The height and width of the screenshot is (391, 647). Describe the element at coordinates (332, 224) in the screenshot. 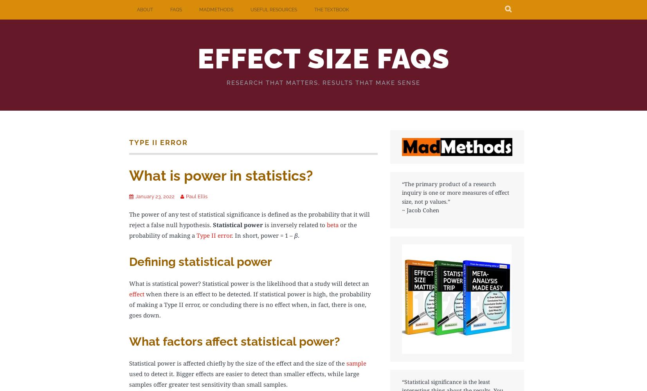

I see `'beta'` at that location.